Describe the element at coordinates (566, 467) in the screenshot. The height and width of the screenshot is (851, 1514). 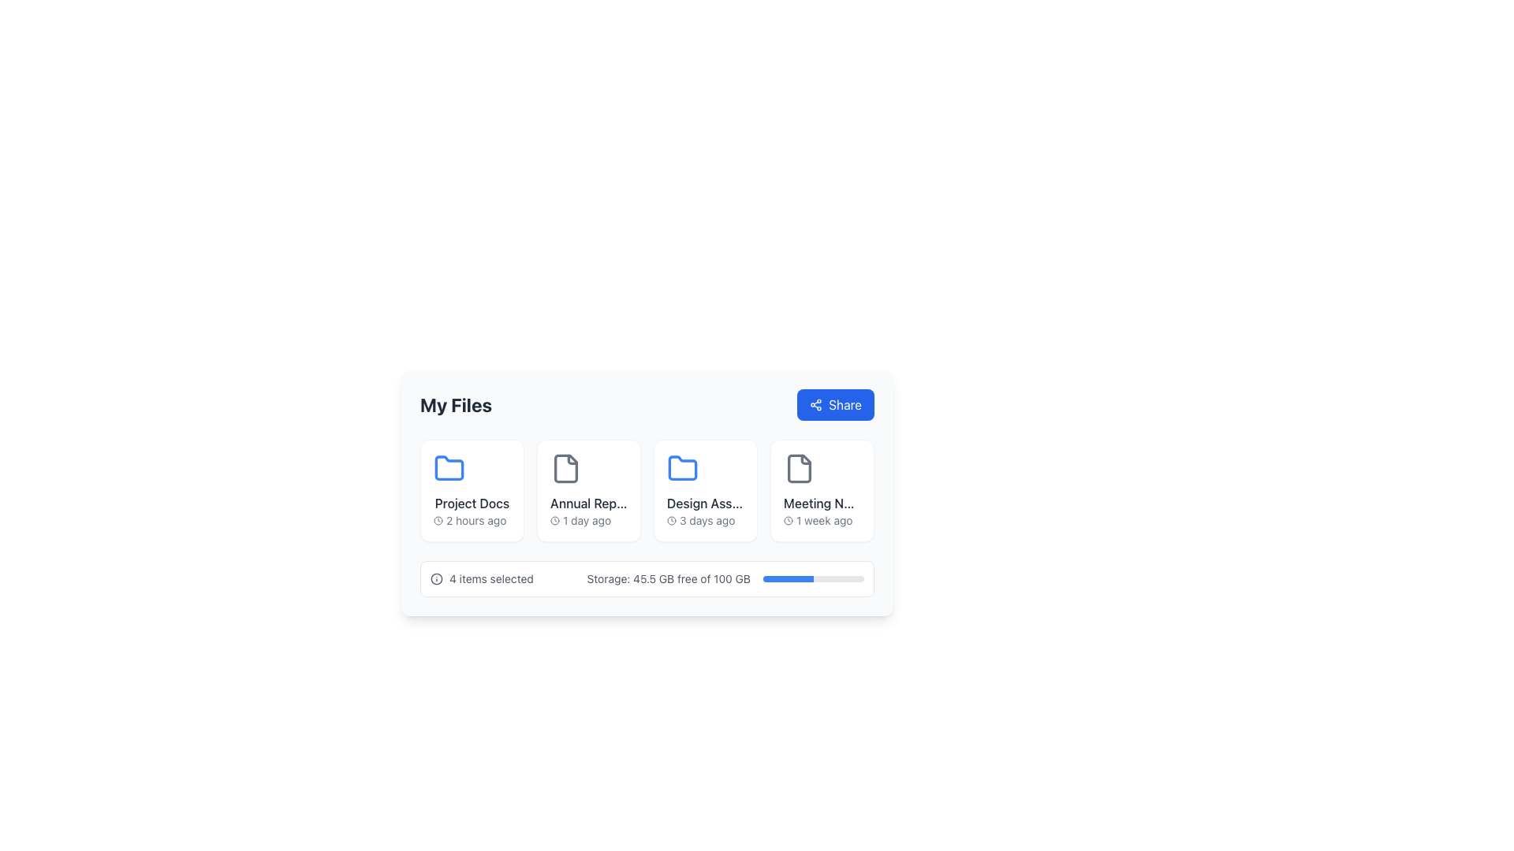
I see `the 'Annual Report' file icon, which is the second item from the left in the 'My Files' section, visually represented as a document icon` at that location.